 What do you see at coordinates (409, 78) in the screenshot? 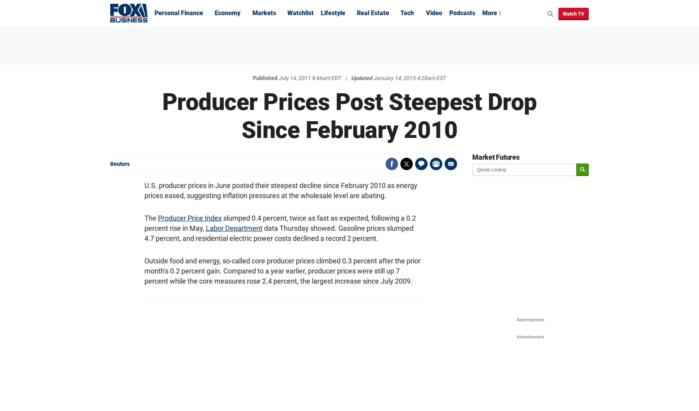
I see `'January 14, 2015 4:28am EST'` at bounding box center [409, 78].